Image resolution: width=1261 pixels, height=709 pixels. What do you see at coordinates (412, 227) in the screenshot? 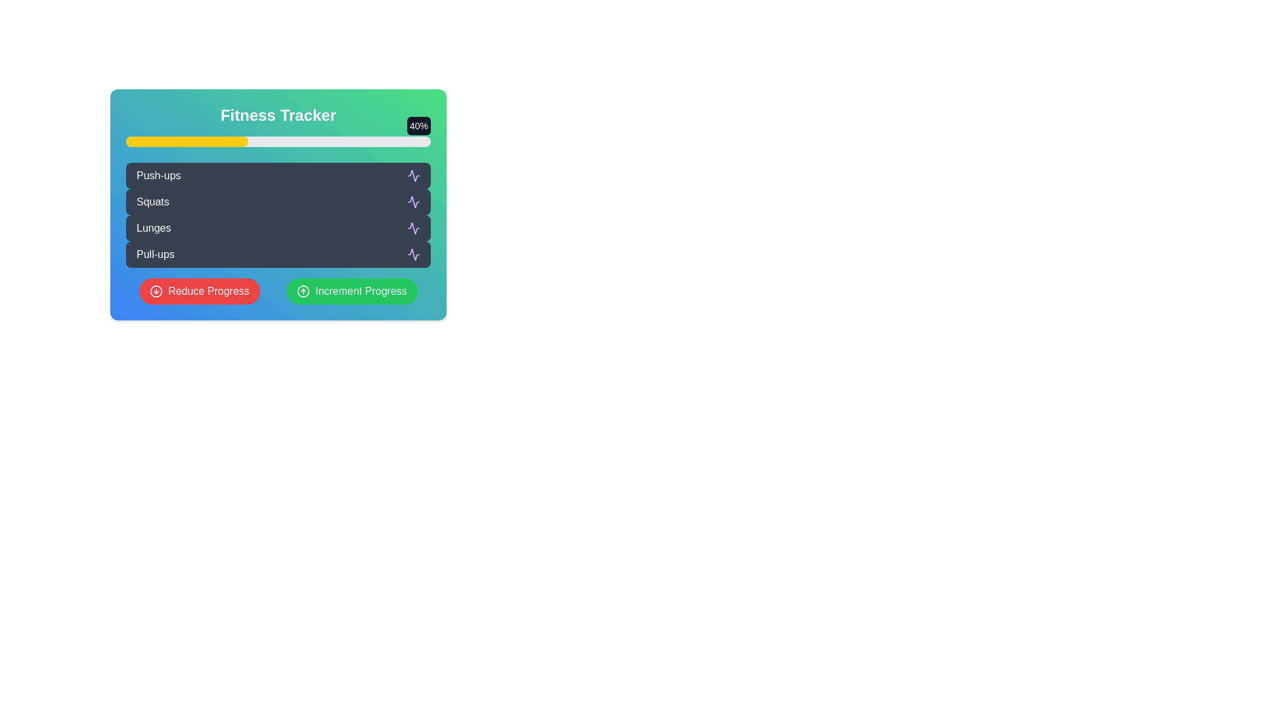
I see `the Lunges icon located in the third position of the list, aligned to the right side of the label 'Lunges'` at bounding box center [412, 227].